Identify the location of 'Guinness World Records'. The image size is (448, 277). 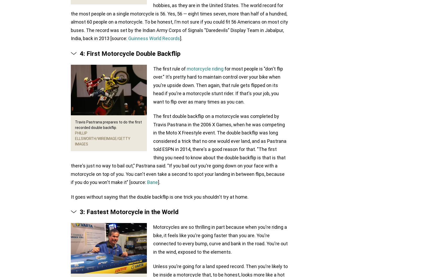
(154, 38).